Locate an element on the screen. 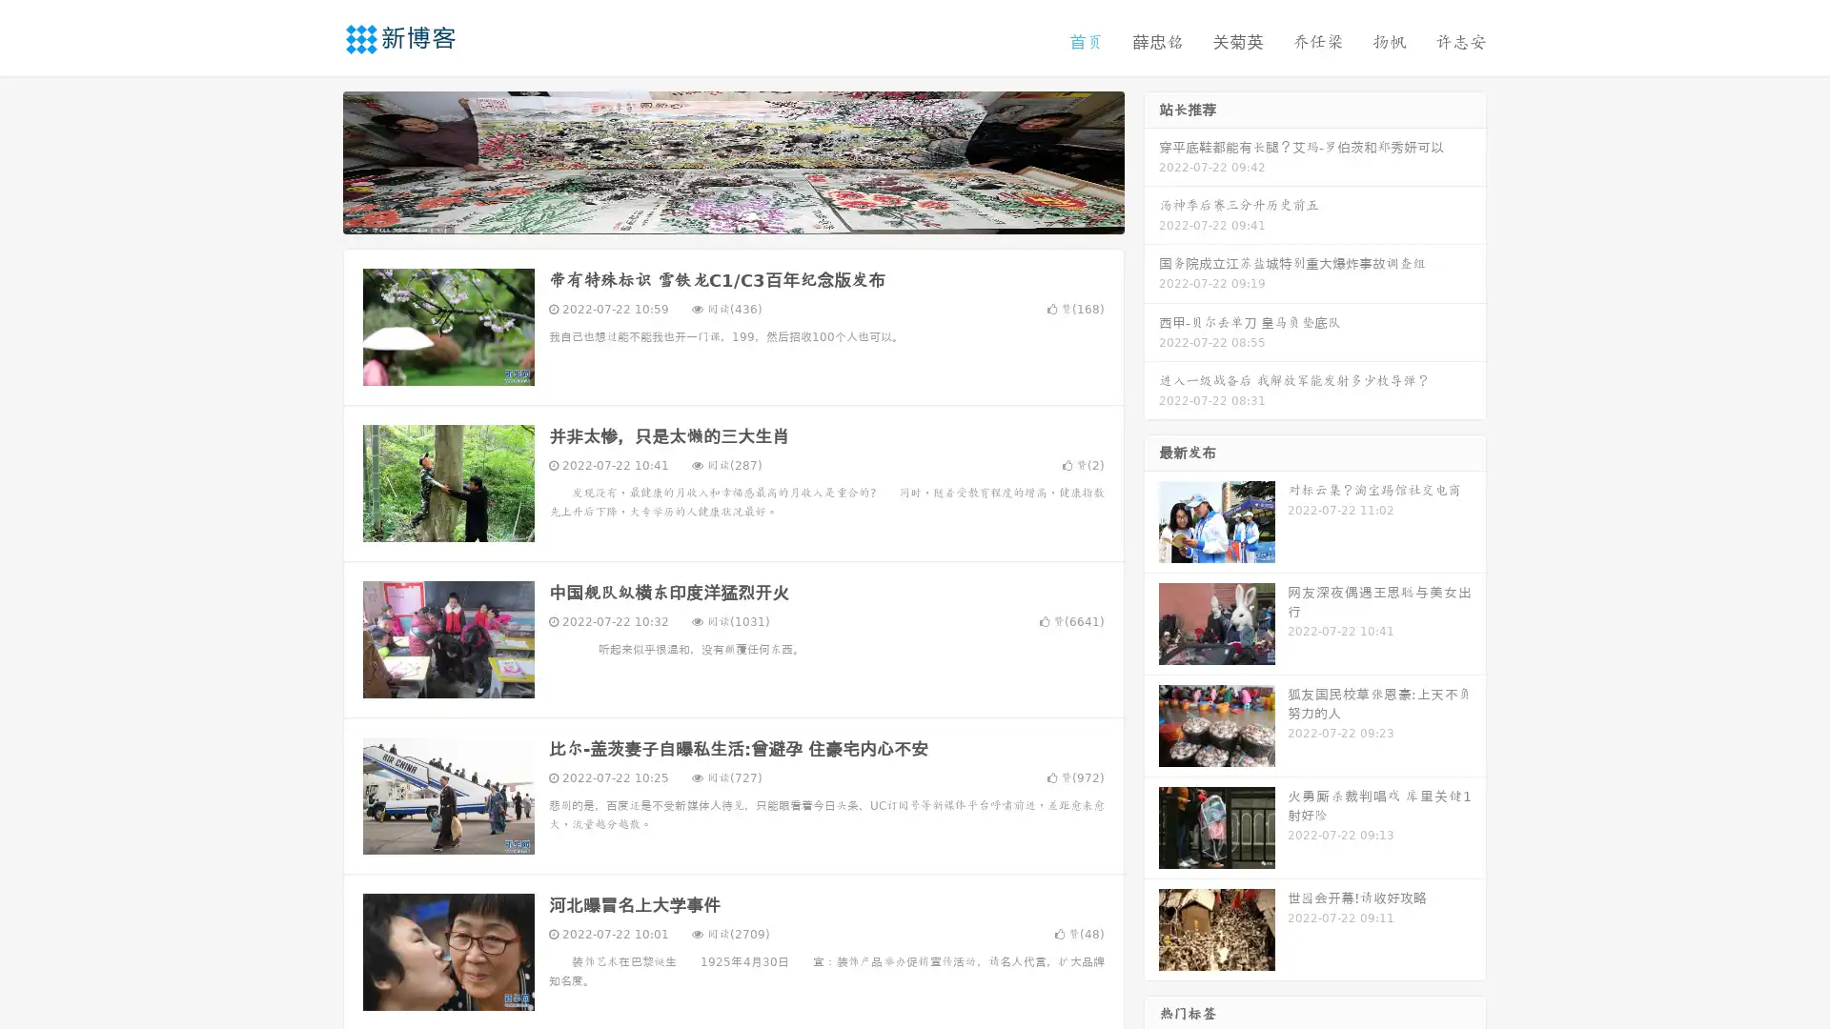 The width and height of the screenshot is (1830, 1029). Previous slide is located at coordinates (315, 160).